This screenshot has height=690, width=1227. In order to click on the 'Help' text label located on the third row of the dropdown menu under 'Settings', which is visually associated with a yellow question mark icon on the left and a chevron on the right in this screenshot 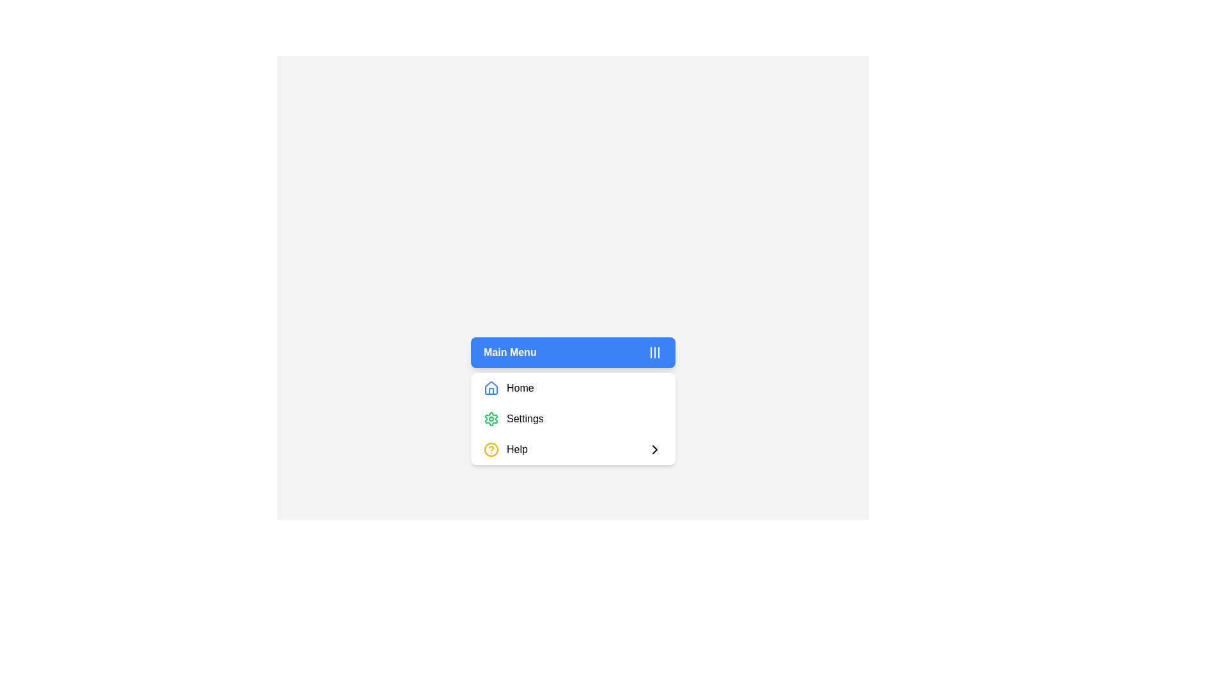, I will do `click(505, 449)`.